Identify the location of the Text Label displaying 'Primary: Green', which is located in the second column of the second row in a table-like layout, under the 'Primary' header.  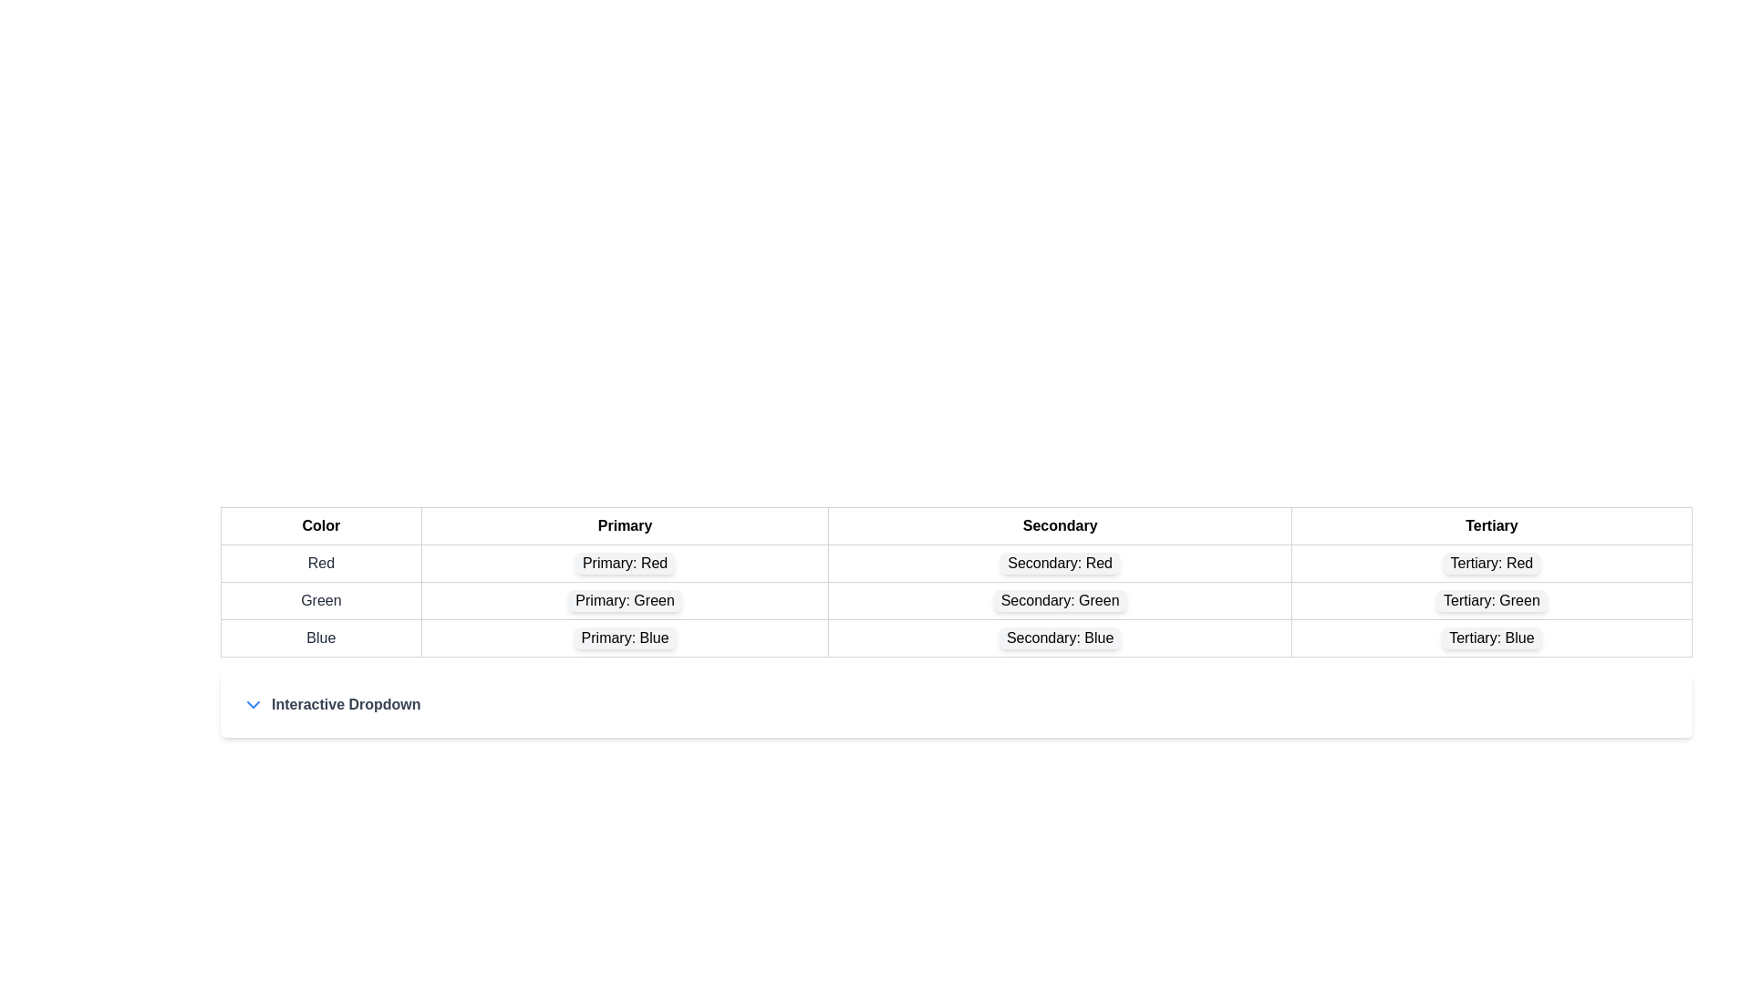
(625, 601).